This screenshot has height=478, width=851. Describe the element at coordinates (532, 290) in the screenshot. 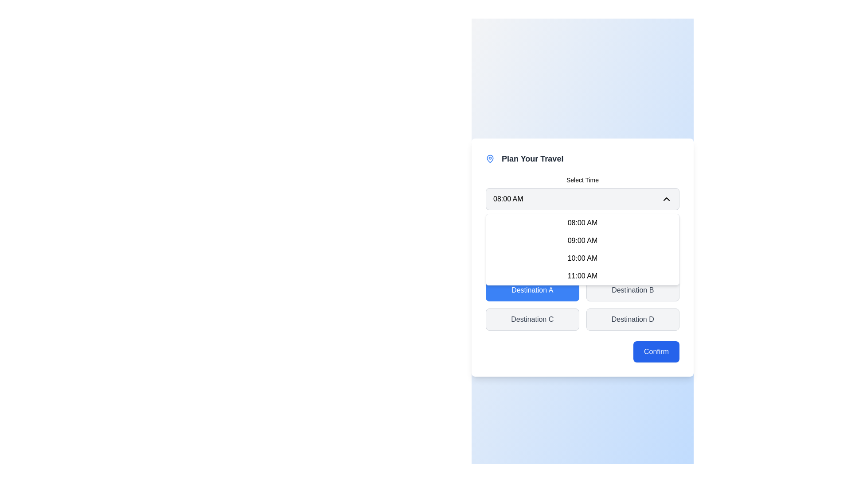

I see `the button labeled 'Destination A', which is a blue rectangular button with white text and rounded corners, positioned at the top-left of a grid layout` at that location.